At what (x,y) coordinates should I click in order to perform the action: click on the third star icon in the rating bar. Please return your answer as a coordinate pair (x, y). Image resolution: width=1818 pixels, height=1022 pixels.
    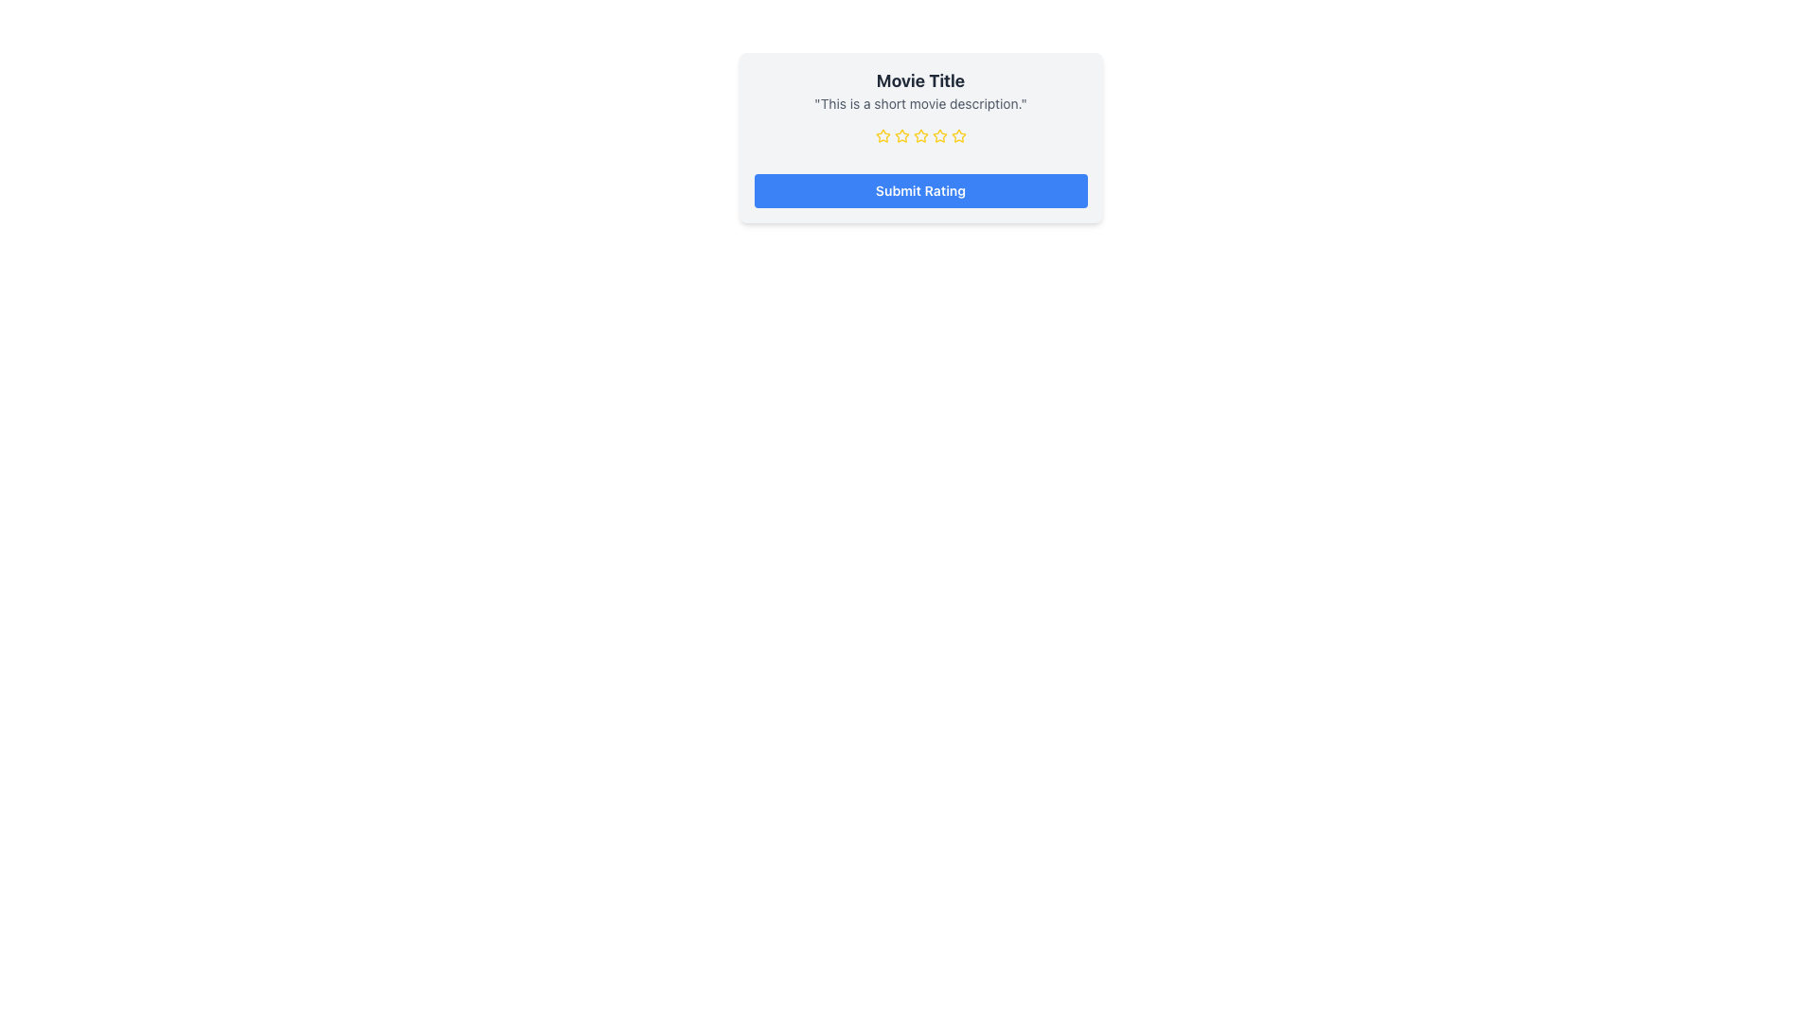
    Looking at the image, I should click on (939, 134).